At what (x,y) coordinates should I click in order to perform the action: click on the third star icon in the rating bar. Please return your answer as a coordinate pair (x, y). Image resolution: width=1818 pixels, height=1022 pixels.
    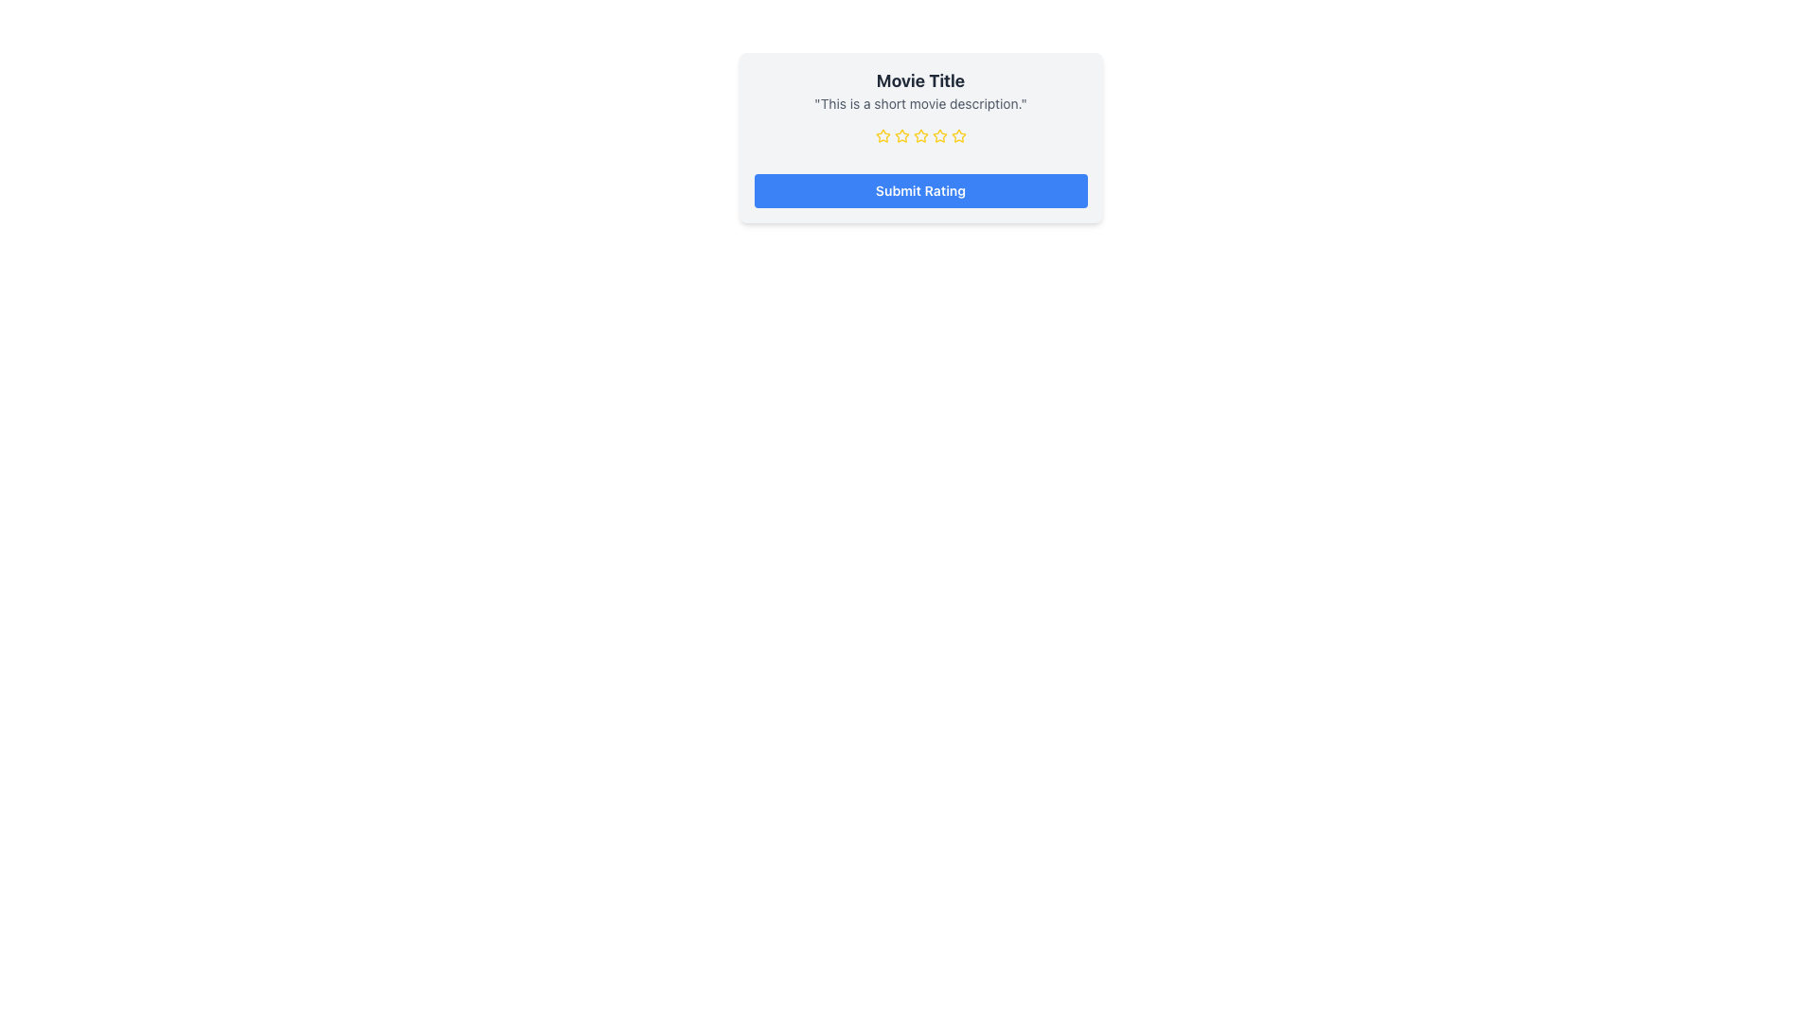
    Looking at the image, I should click on (939, 134).